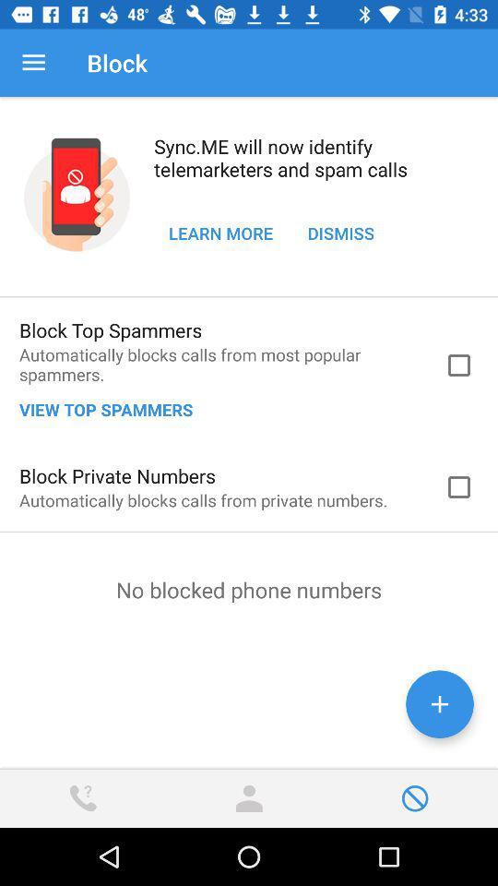 This screenshot has width=498, height=886. What do you see at coordinates (438, 703) in the screenshot?
I see `icon below no blocked phone icon` at bounding box center [438, 703].